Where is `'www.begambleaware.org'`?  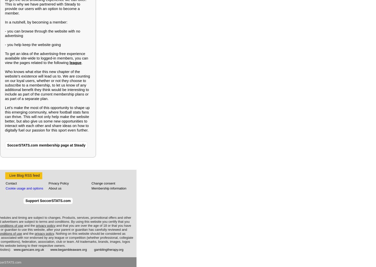 'www.begambleaware.org' is located at coordinates (50, 249).